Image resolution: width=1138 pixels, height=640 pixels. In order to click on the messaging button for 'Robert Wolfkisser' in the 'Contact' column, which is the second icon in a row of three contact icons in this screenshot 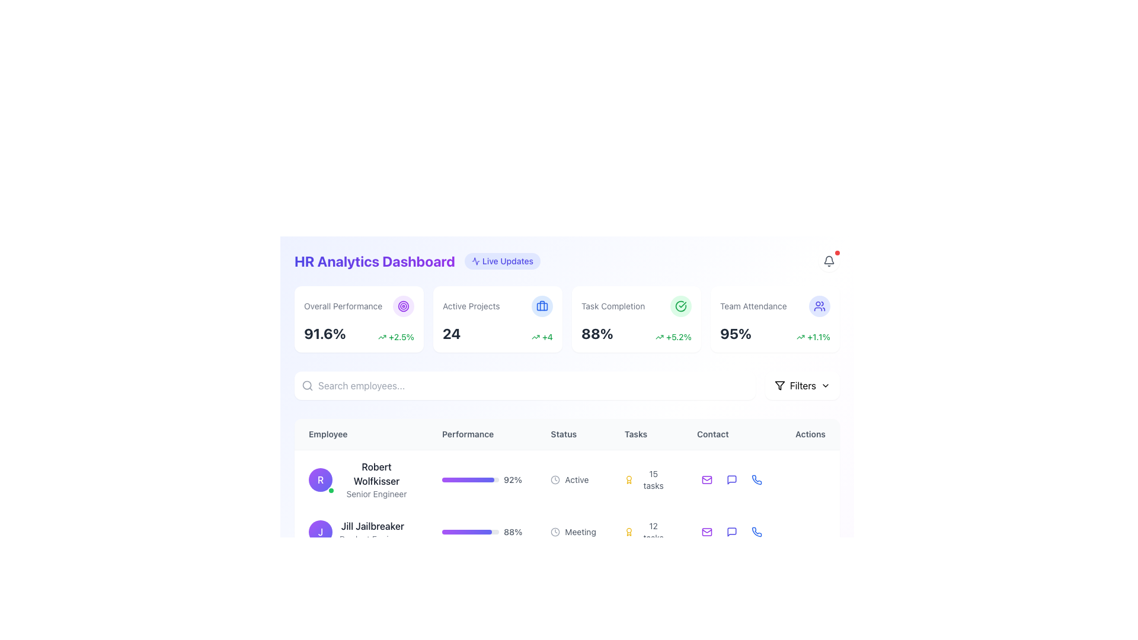, I will do `click(731, 480)`.